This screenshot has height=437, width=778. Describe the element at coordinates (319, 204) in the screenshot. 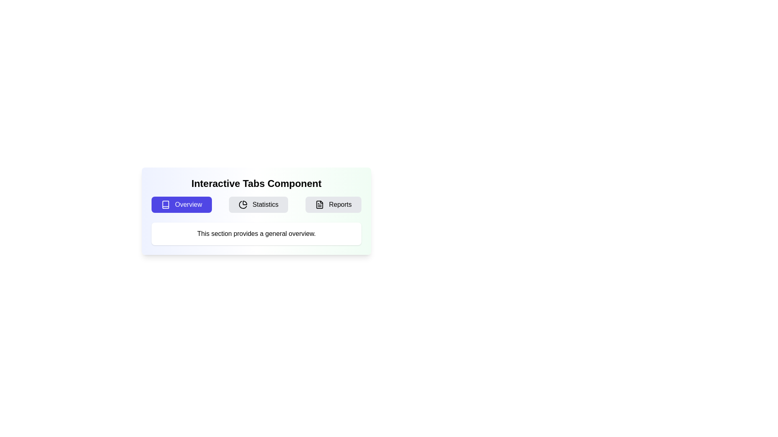

I see `the file document icon located within the 'Reports' tab button, which is positioned to the left of the text label 'Reports'` at that location.